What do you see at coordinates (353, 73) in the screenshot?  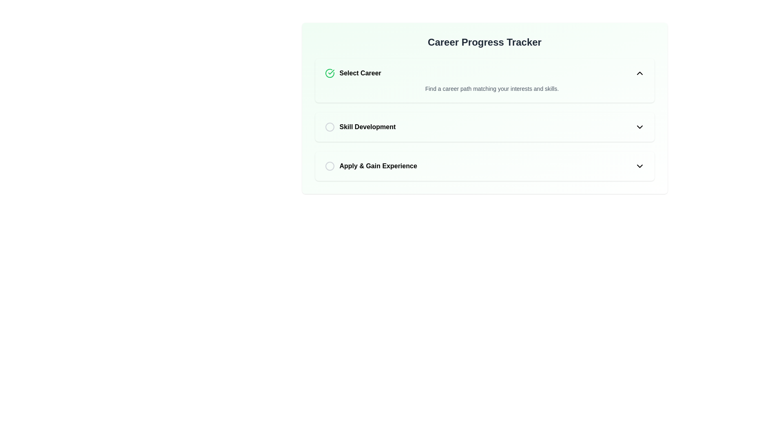 I see `the 'Select Career' label element with a green checkmark icon` at bounding box center [353, 73].